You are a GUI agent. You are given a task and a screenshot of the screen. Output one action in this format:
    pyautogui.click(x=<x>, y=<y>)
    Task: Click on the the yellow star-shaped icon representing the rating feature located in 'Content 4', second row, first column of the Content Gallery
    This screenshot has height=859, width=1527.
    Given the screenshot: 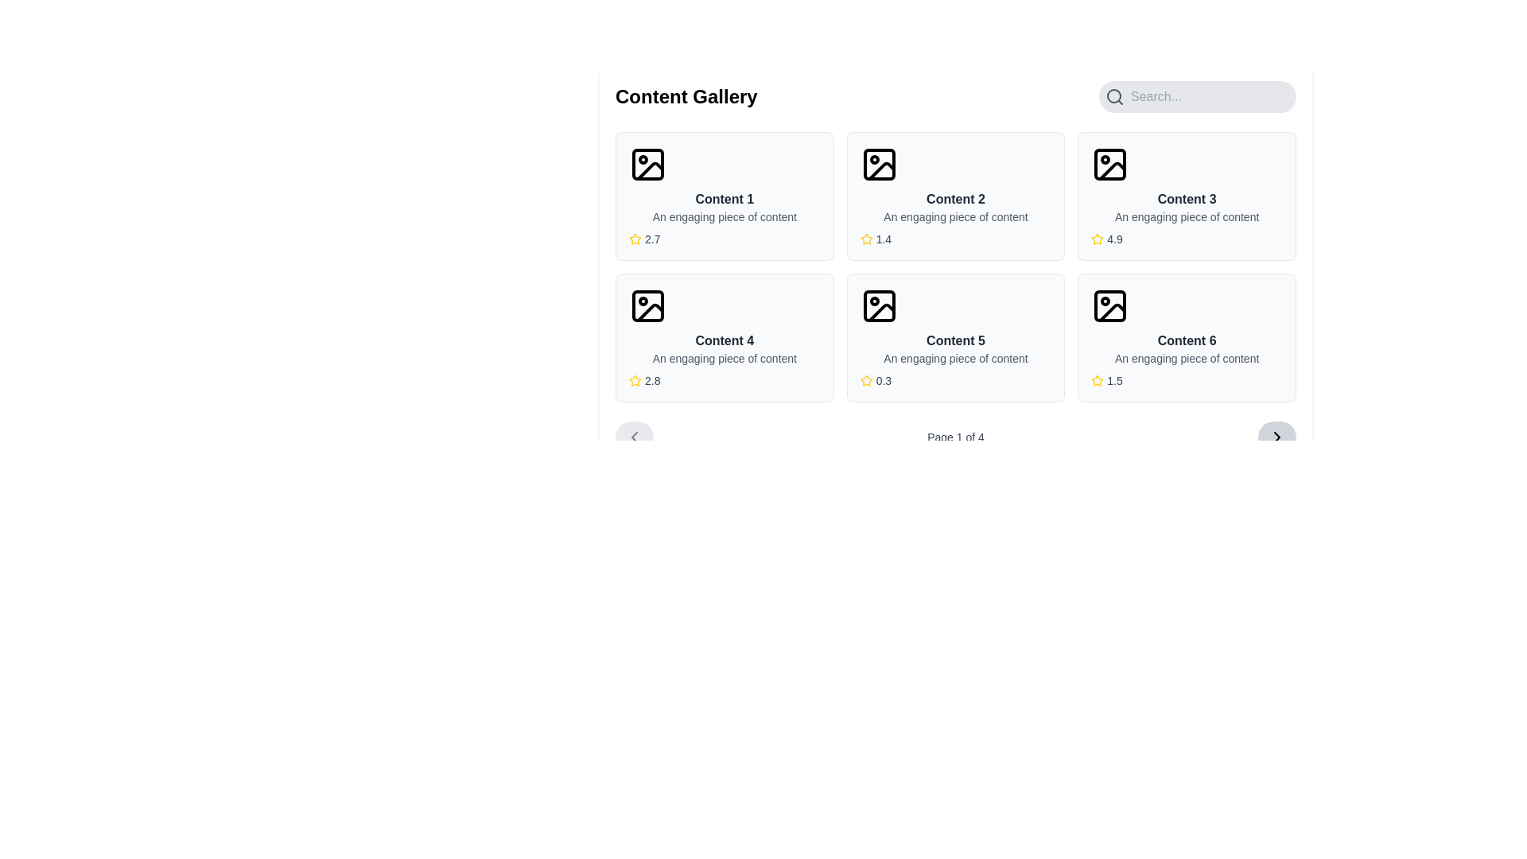 What is the action you would take?
    pyautogui.click(x=634, y=380)
    